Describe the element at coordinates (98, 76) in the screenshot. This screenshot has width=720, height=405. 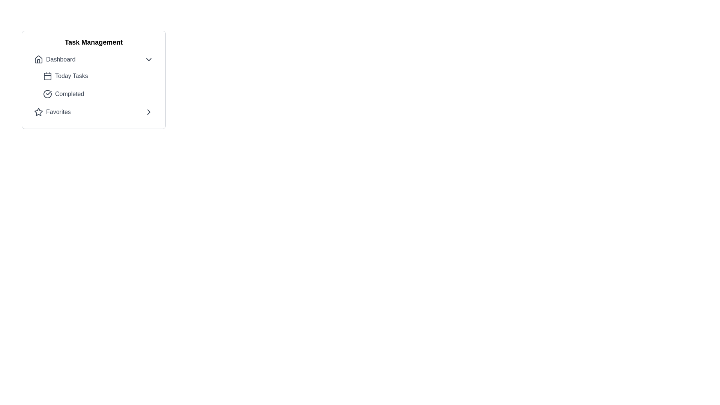
I see `the 'Today Tasks' button located in the vertical menu on the left side of the UI, positioned immediately below the 'Dashboard' item and above the 'Completed' item` at that location.